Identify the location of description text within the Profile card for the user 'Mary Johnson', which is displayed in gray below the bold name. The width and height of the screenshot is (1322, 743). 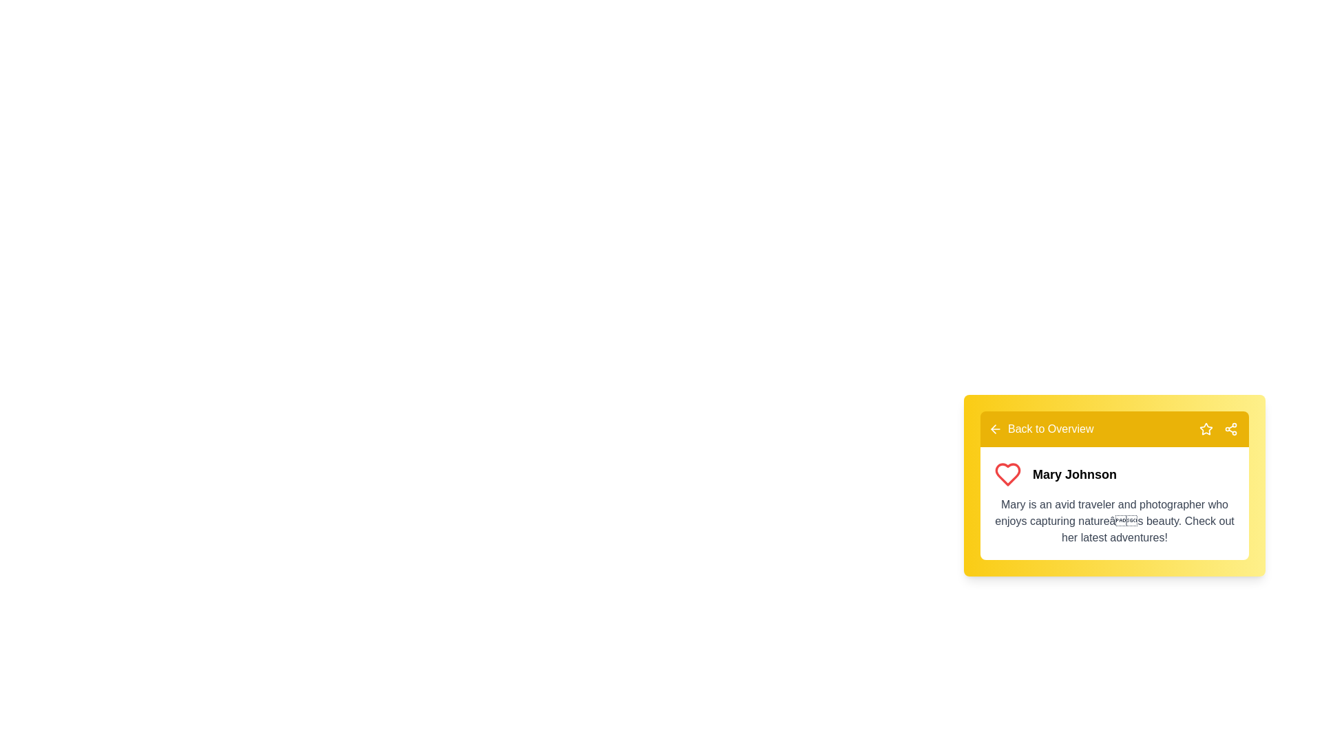
(1114, 504).